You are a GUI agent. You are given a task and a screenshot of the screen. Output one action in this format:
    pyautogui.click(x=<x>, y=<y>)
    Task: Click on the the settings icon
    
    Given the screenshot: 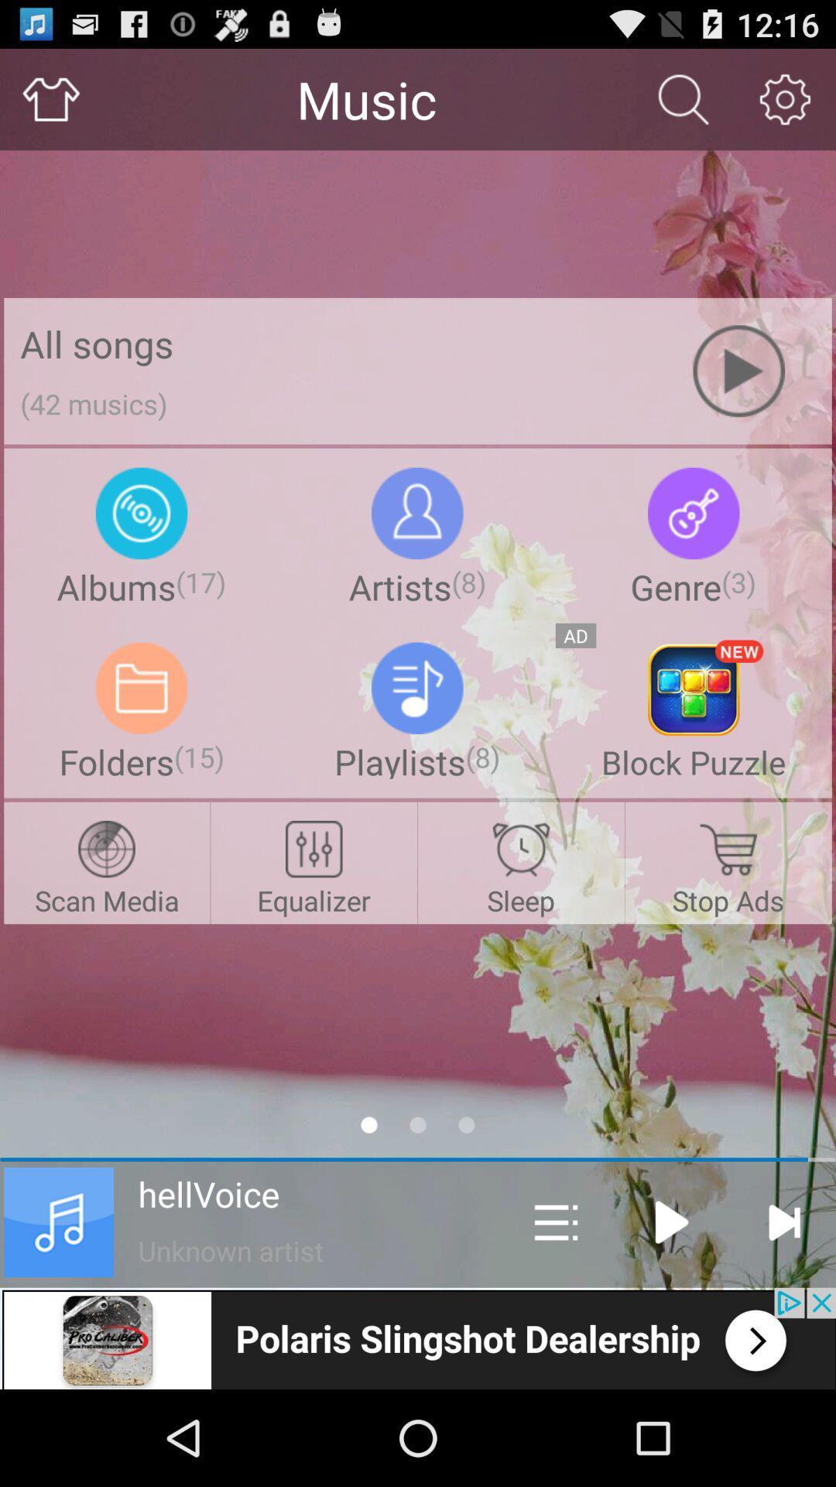 What is the action you would take?
    pyautogui.click(x=785, y=105)
    